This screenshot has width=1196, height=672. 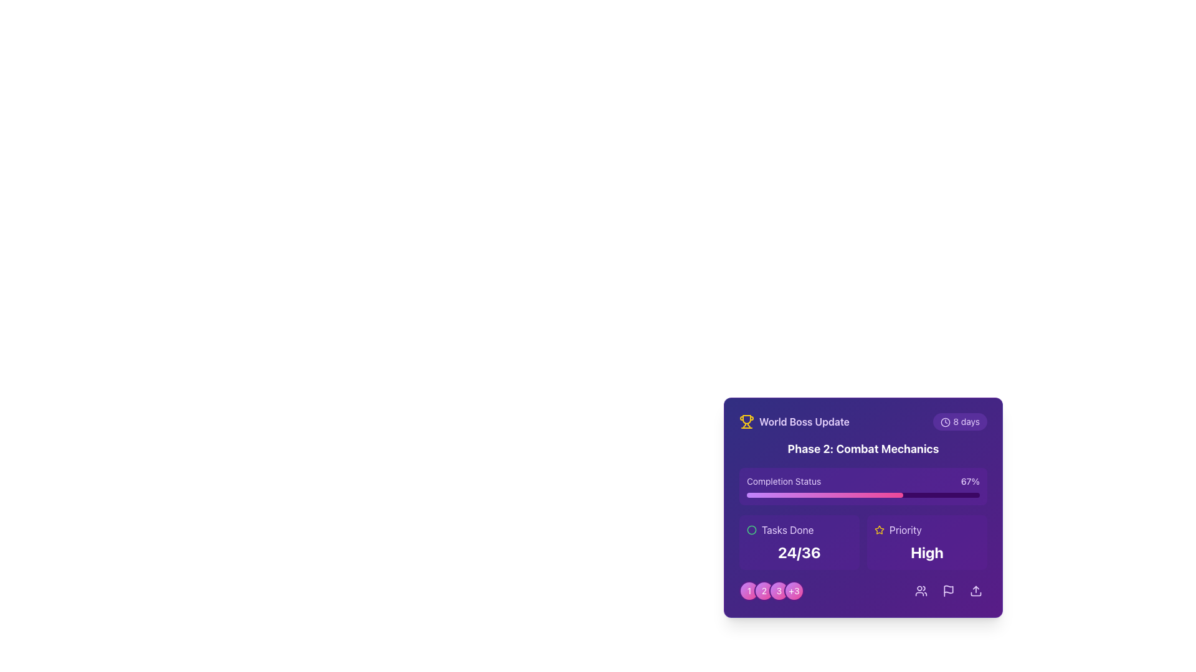 What do you see at coordinates (751, 530) in the screenshot?
I see `the circular icon with a hollowed green stroke located at the bottom-right area of the UI card to interact` at bounding box center [751, 530].